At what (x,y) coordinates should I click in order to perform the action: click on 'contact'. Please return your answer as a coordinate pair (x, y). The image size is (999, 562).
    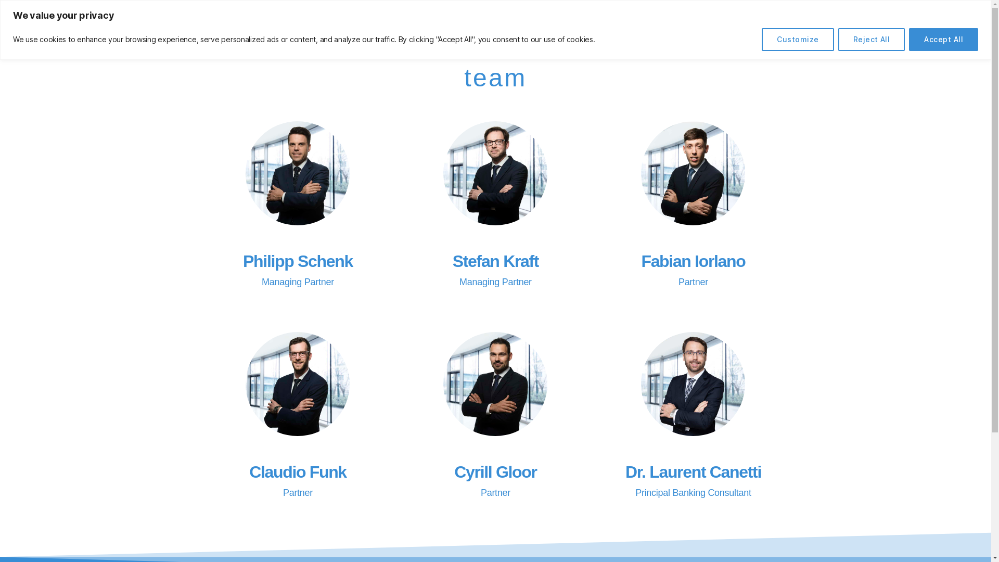
    Looking at the image, I should click on (896, 24).